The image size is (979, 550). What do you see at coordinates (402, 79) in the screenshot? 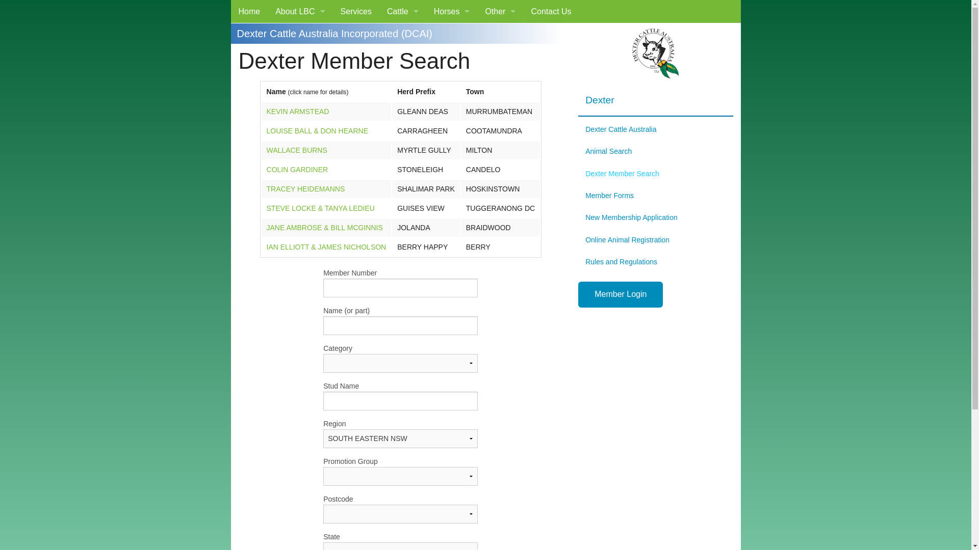
I see `'Dairy Shorthorn'` at bounding box center [402, 79].